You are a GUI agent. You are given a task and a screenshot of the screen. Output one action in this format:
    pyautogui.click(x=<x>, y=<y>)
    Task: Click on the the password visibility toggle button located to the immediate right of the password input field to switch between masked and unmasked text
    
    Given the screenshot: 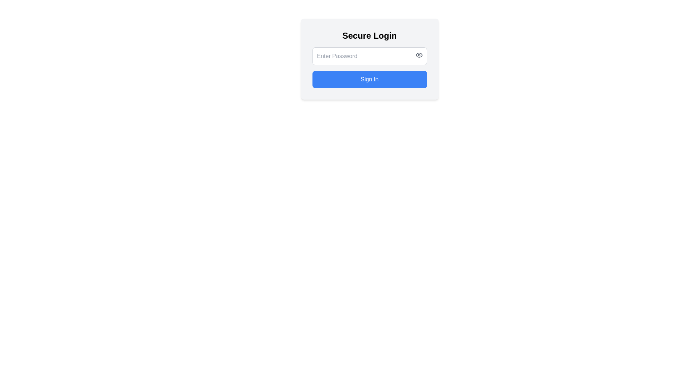 What is the action you would take?
    pyautogui.click(x=419, y=55)
    